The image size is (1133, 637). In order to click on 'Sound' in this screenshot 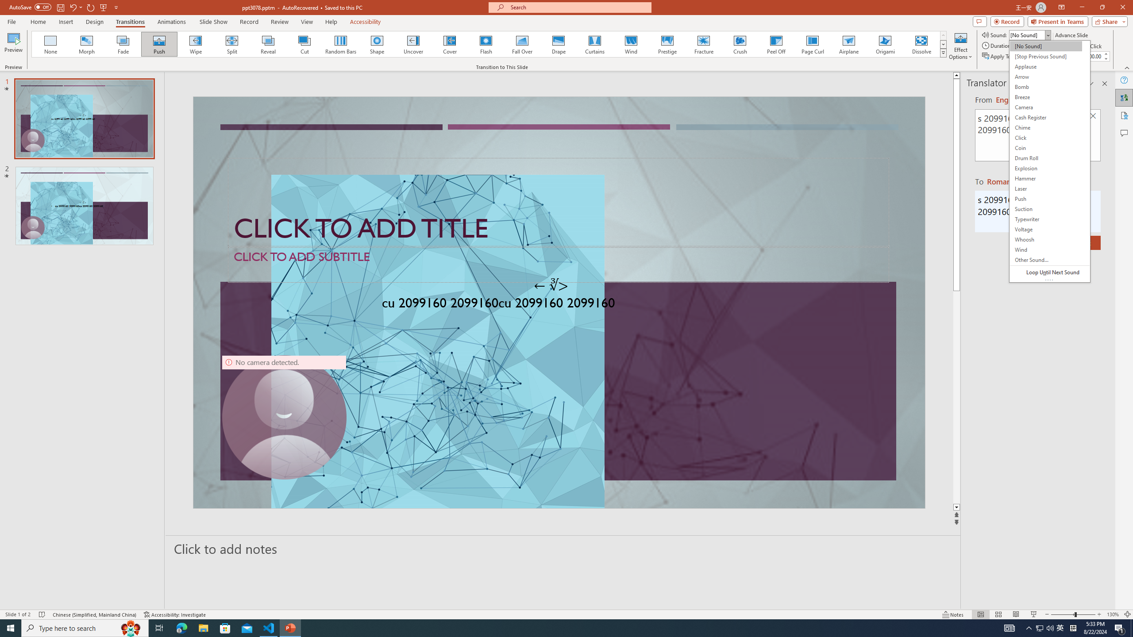, I will do `click(1030, 35)`.